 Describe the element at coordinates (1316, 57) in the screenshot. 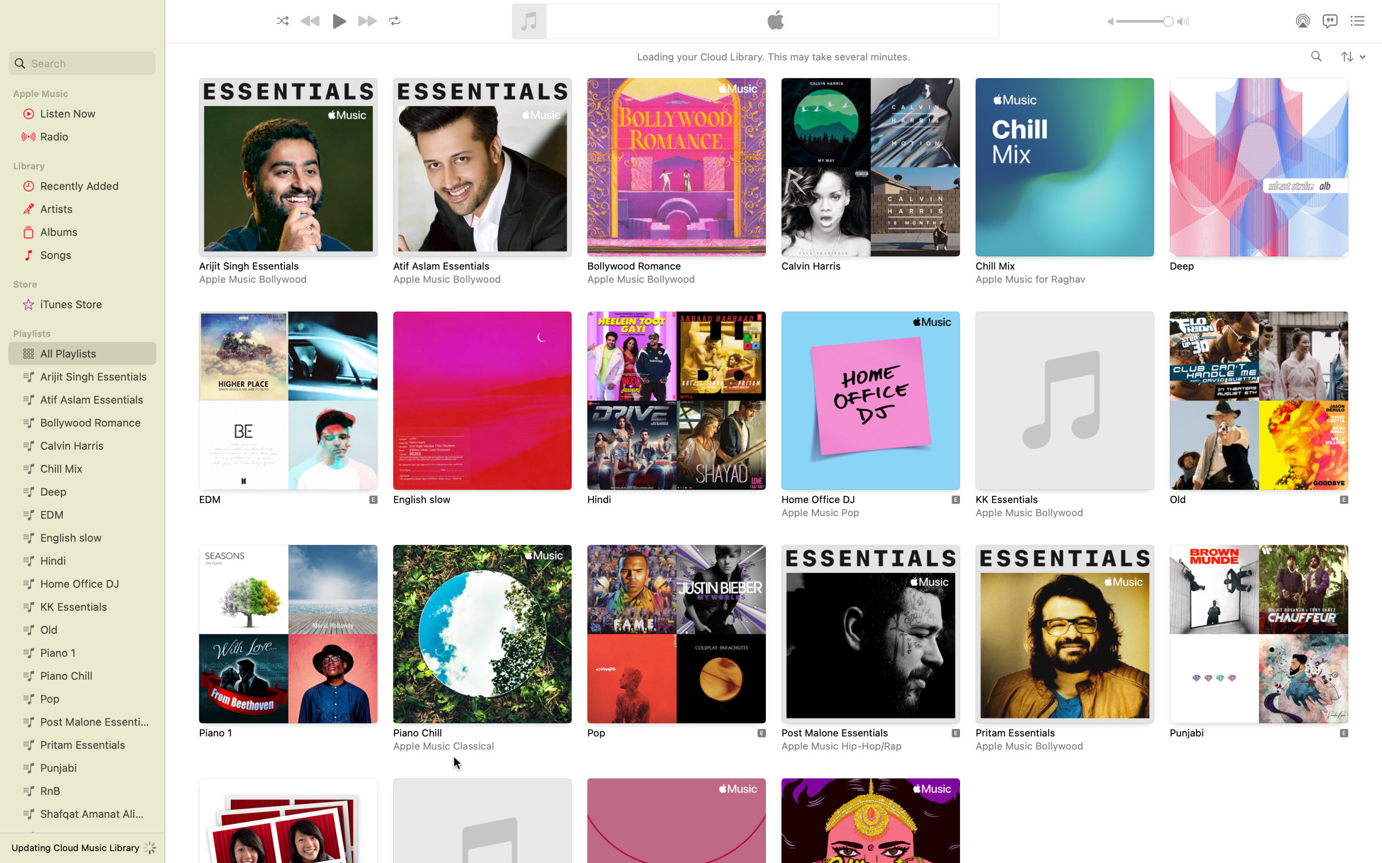

I see `Look up the musical artist "Calvin Harris` at that location.